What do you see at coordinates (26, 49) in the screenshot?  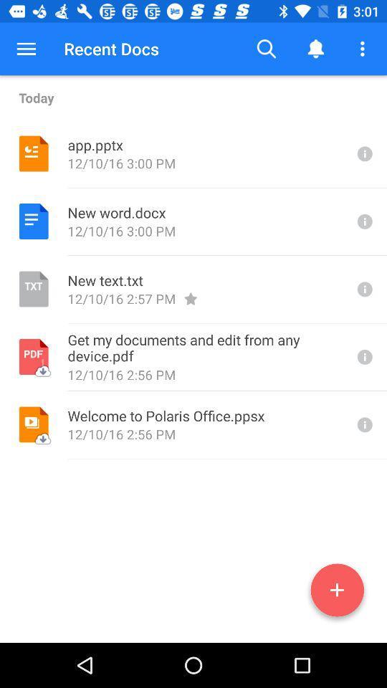 I see `the item next to recent docs item` at bounding box center [26, 49].